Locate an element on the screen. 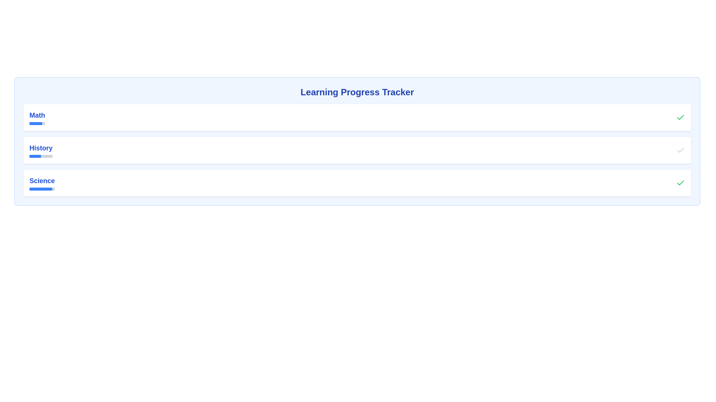  the 'History' static text label, which is styled in bold blue font and positioned between 'Math' and 'Science' is located at coordinates (41, 148).